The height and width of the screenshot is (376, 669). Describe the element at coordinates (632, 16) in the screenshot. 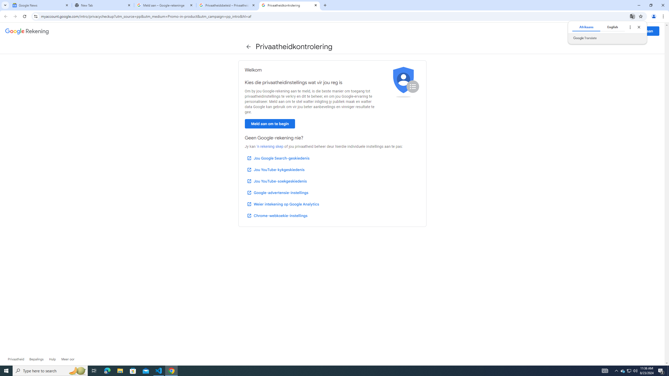

I see `'Translate this page'` at that location.